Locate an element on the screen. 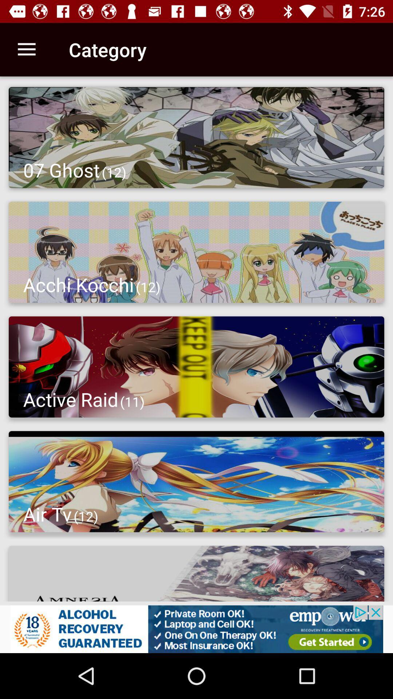 The image size is (393, 699). advertisement area is located at coordinates (196, 629).